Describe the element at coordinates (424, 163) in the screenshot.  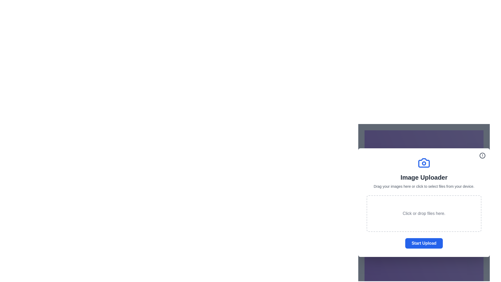
I see `the camera icon with a blue stroke color, located at the top center of the modal above the title 'Image Uploader'` at that location.